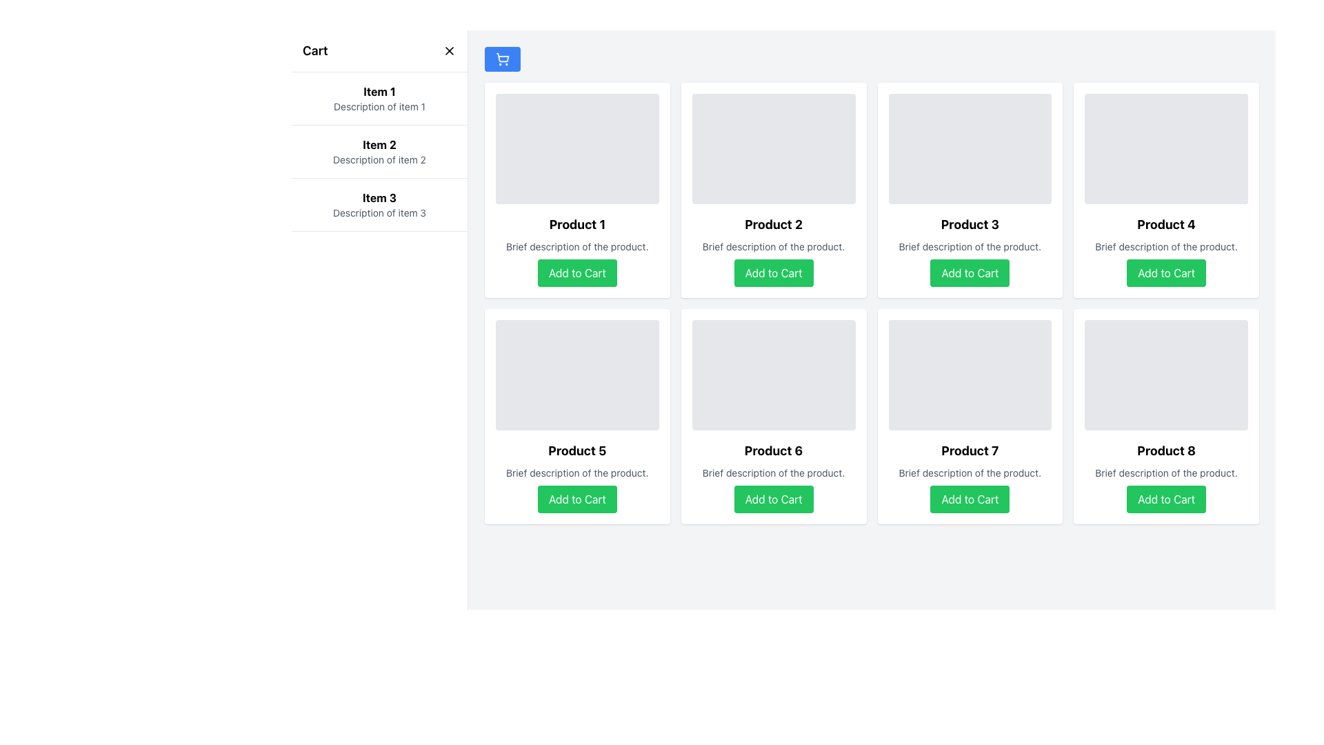 Image resolution: width=1324 pixels, height=745 pixels. Describe the element at coordinates (379, 152) in the screenshot. I see `the text entry element labeled 'Item 2' which is the second item in a vertical list, containing a bolded title and a description, positioned to the left side of the interface` at that location.